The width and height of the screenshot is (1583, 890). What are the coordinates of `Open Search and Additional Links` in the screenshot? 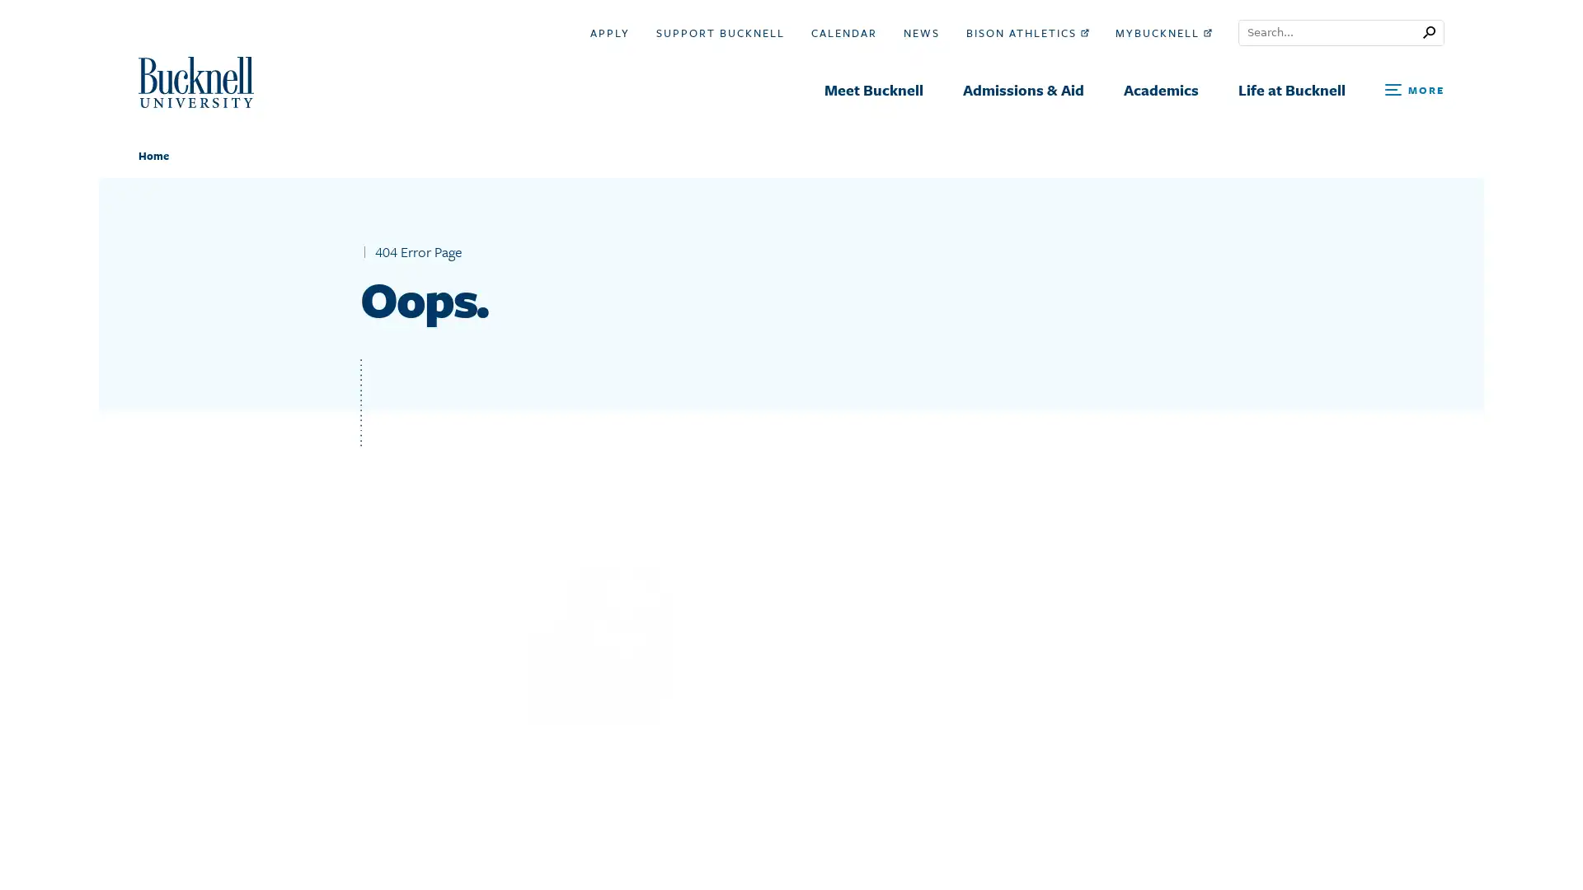 It's located at (1414, 90).